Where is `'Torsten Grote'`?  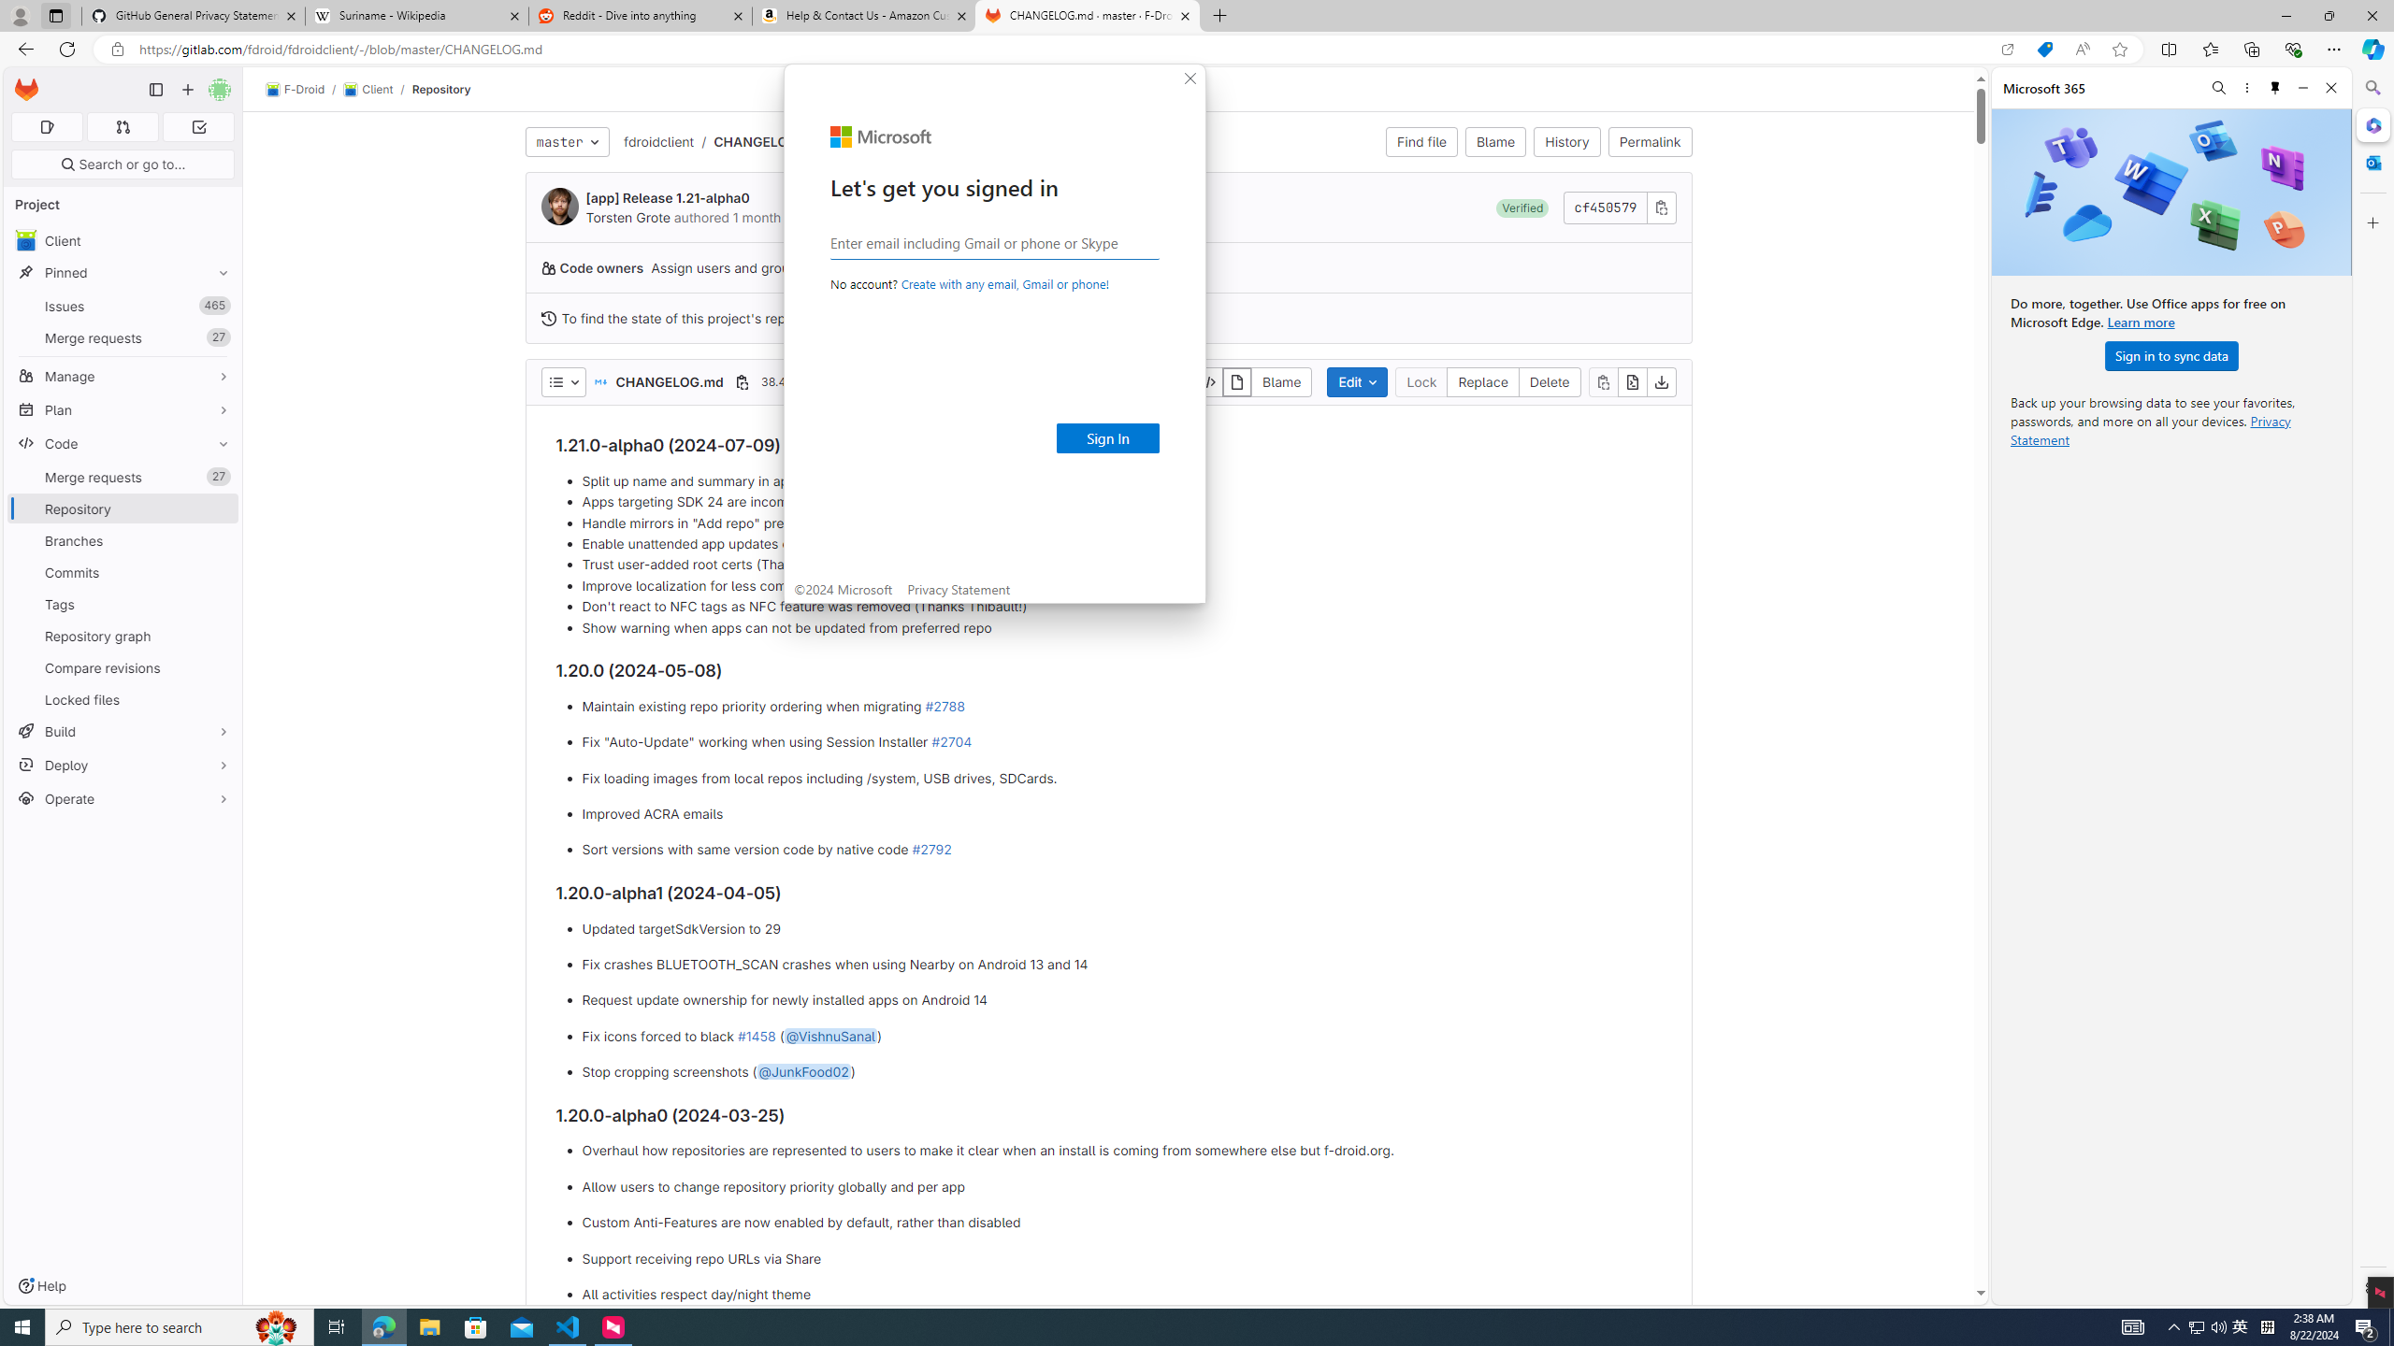 'Torsten Grote' is located at coordinates (560, 207).